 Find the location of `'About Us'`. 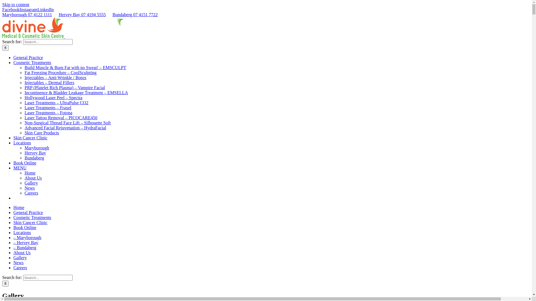

'About Us' is located at coordinates (13, 253).